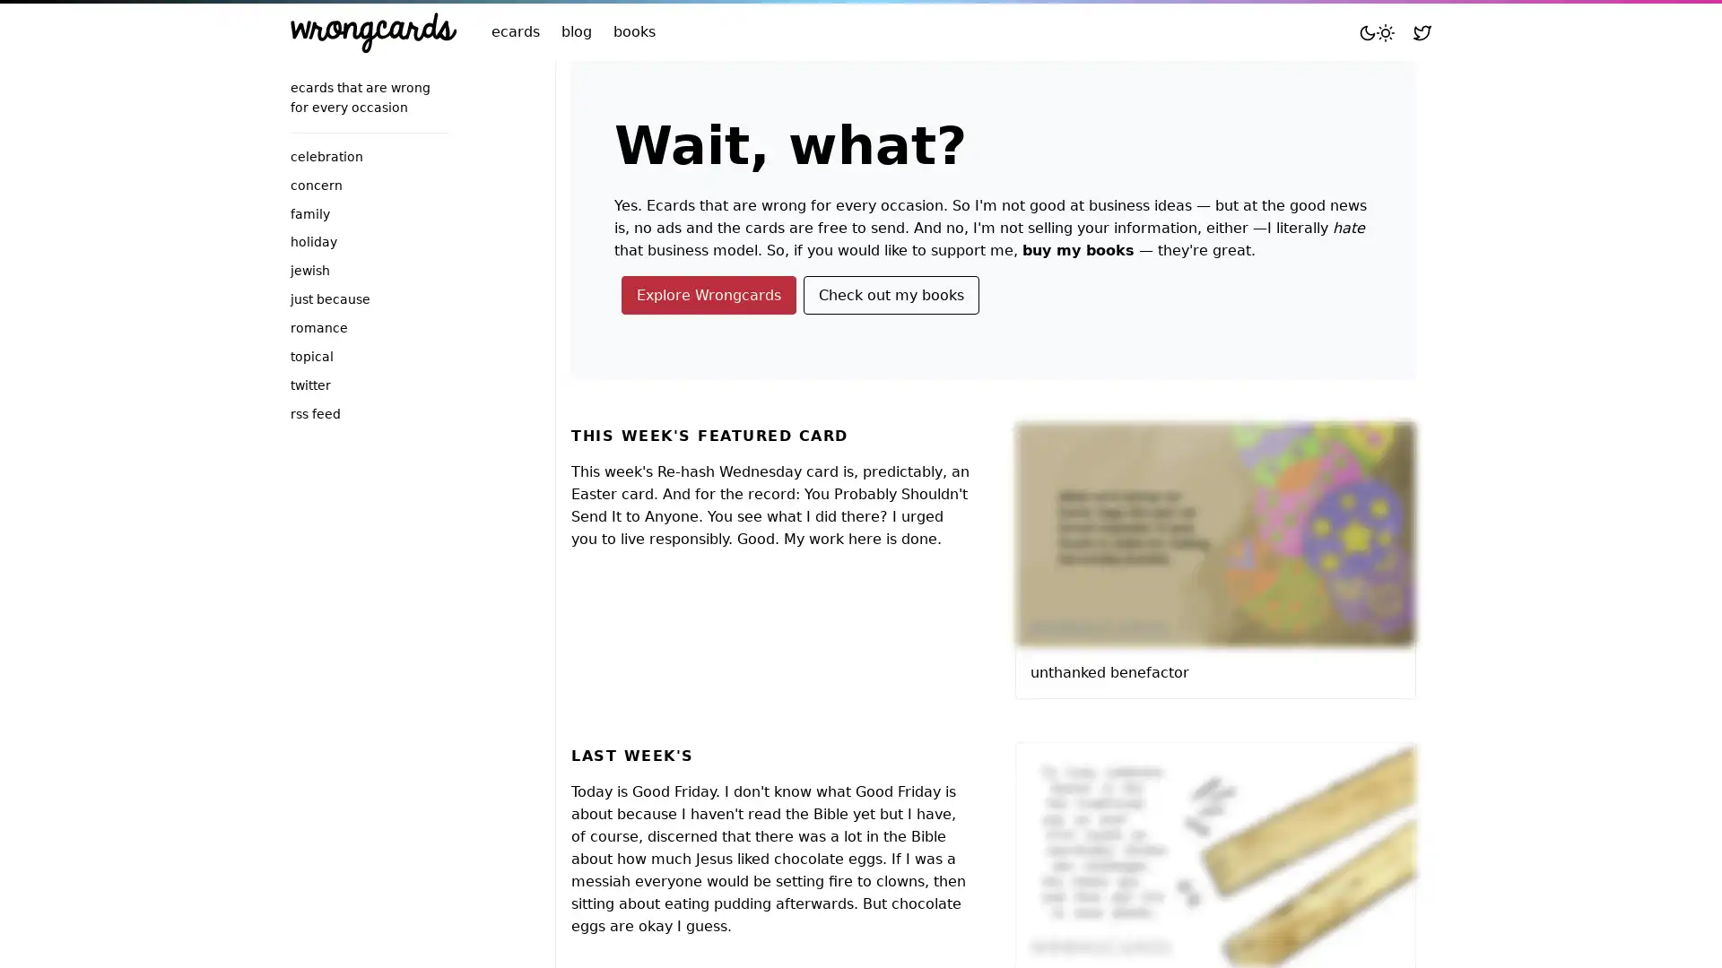 The image size is (1722, 968). What do you see at coordinates (1376, 31) in the screenshot?
I see `Toggle mode` at bounding box center [1376, 31].